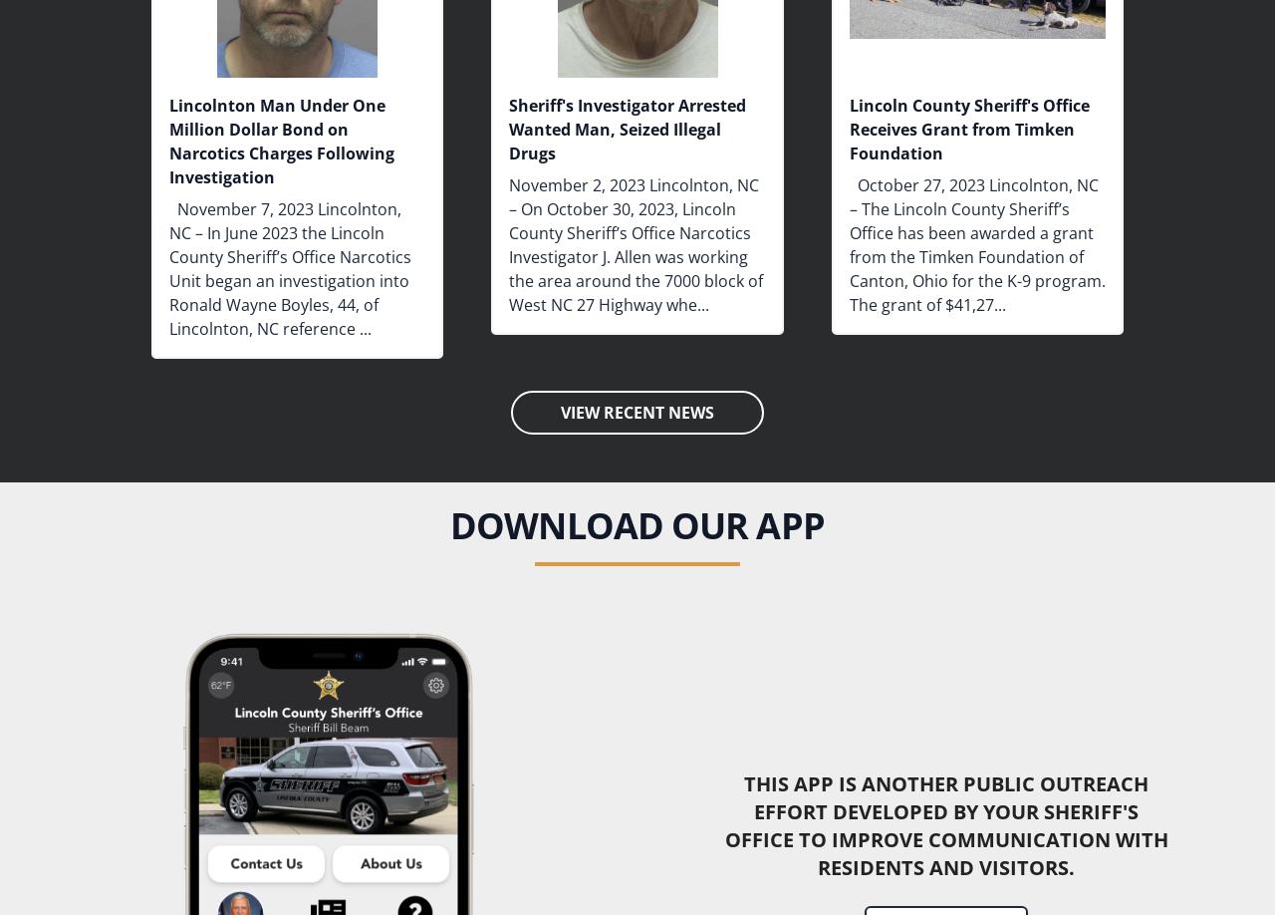  What do you see at coordinates (976, 243) in the screenshot?
I see `'October 27, 2023
Lincolnton, NC – The Lincoln County Sheriff’s Office has been awarded a grant from the Timken Foundation of Canton, Ohio for the K-9 program.
The grant of $41,27...'` at bounding box center [976, 243].